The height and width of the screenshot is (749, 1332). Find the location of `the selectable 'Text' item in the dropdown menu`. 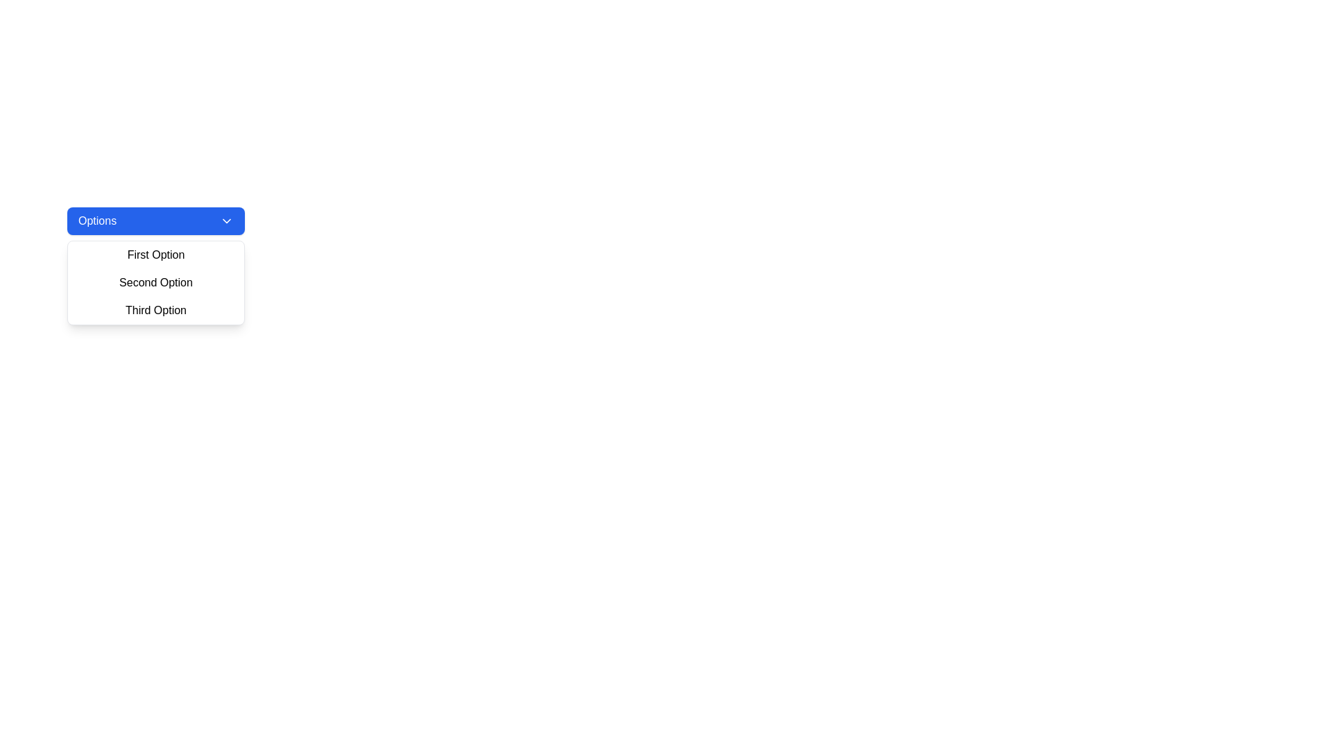

the selectable 'Text' item in the dropdown menu is located at coordinates (156, 282).